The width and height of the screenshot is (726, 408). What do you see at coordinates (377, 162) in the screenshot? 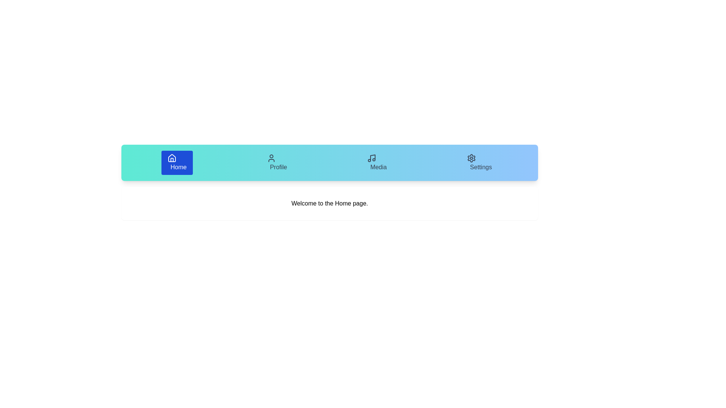
I see `the tab labeled Media to evaluate its hover effect` at bounding box center [377, 162].